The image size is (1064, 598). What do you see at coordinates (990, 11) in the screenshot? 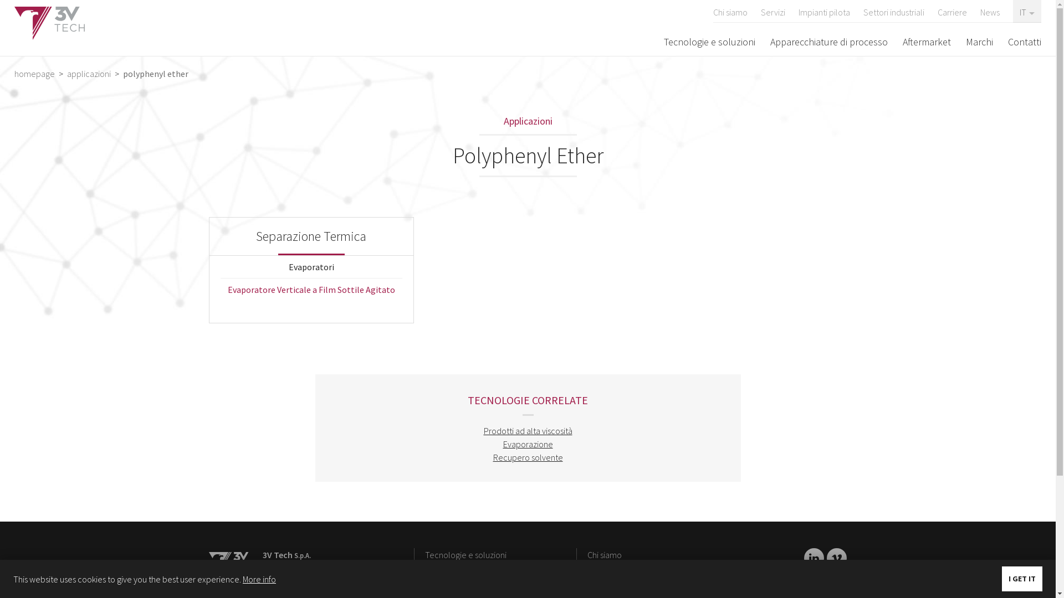
I see `'News'` at bounding box center [990, 11].